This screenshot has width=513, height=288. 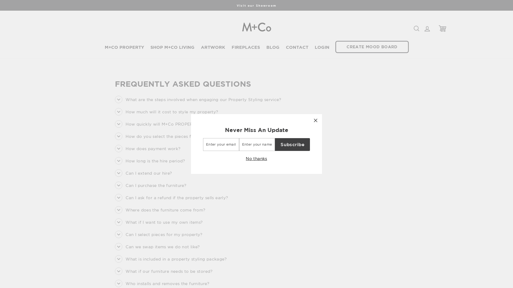 What do you see at coordinates (170, 259) in the screenshot?
I see `'What is included in a property styling package?'` at bounding box center [170, 259].